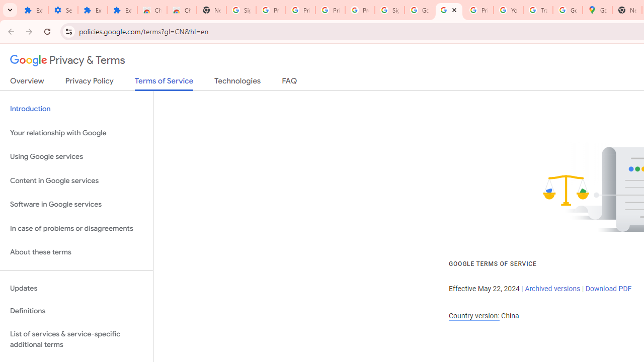 The image size is (644, 362). I want to click on 'Country version:', so click(473, 315).